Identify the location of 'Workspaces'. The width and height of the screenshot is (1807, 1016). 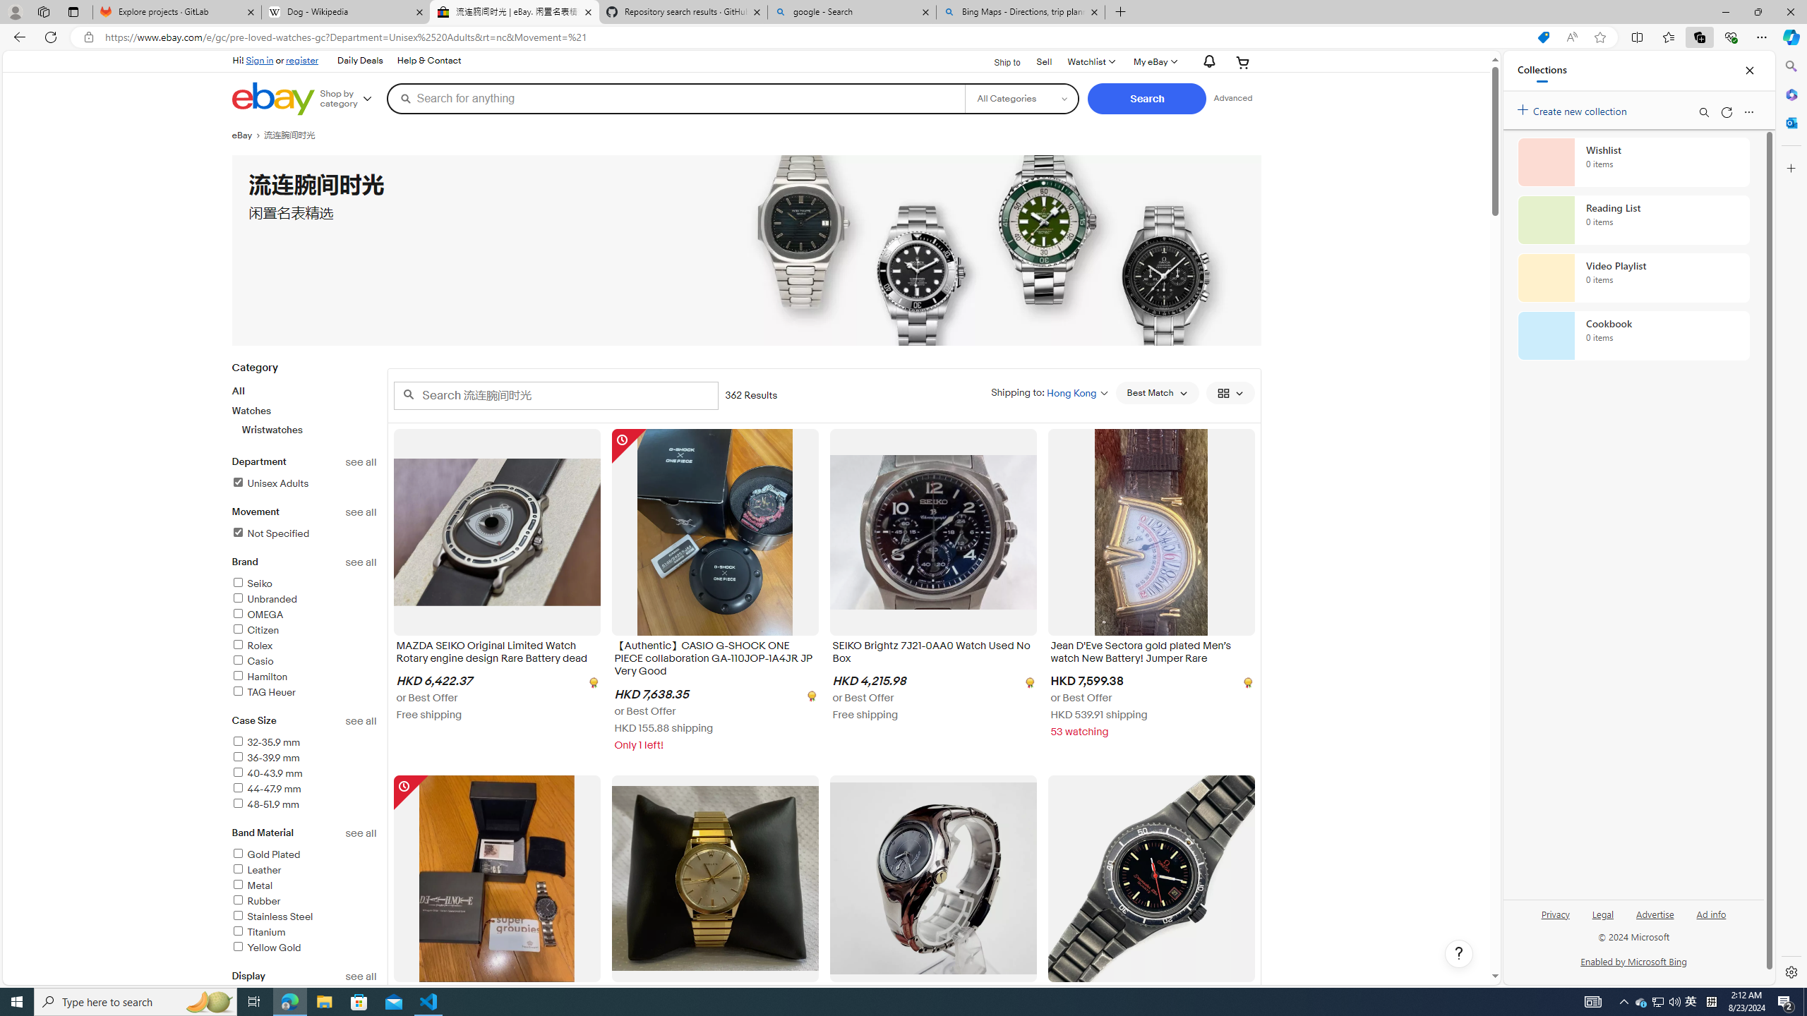
(43, 11).